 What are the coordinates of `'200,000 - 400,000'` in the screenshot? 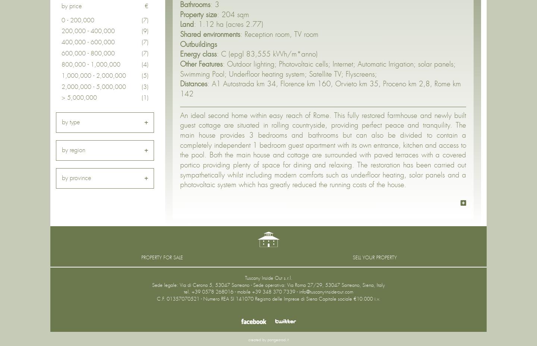 It's located at (88, 31).